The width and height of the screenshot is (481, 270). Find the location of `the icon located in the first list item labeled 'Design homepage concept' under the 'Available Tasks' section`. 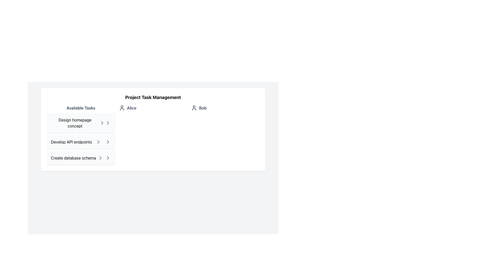

the icon located in the first list item labeled 'Design homepage concept' under the 'Available Tasks' section is located at coordinates (108, 123).